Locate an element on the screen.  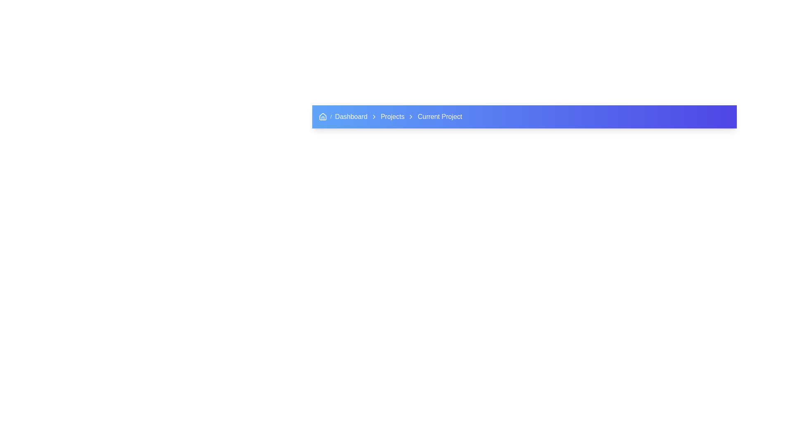
the house-shaped SVG icon at the start of the breadcrumb navigation bar, which is positioned before the 'Dashboard' link is located at coordinates (323, 116).